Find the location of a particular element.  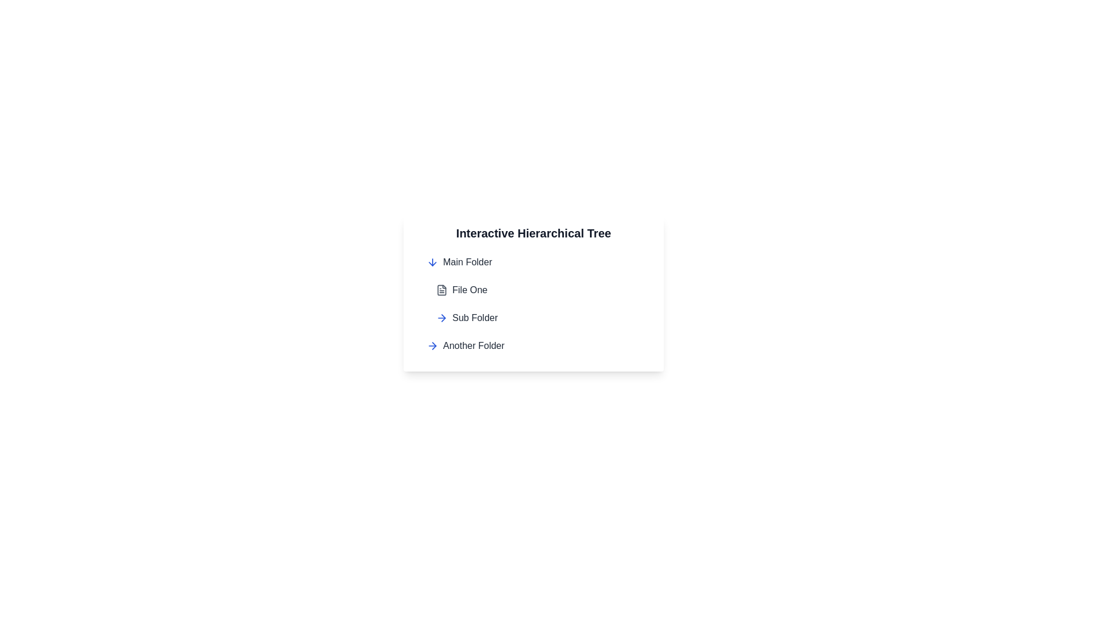

the sub-folder label in the Interactive Hierarchical Tree, which is the third item in the row-like structure, located to the right of an arrow icon is located at coordinates (475, 318).